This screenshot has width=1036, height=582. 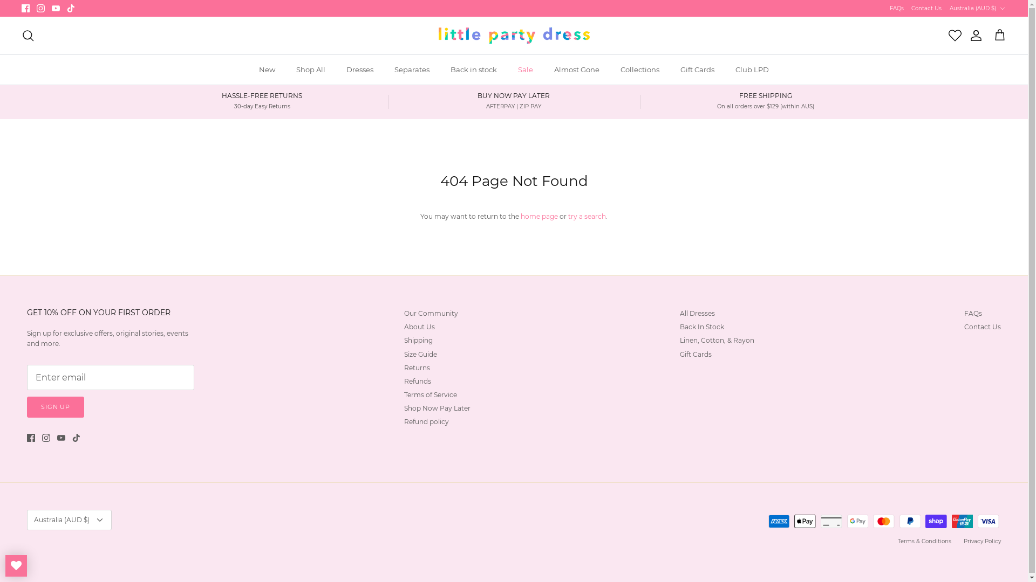 What do you see at coordinates (418, 340) in the screenshot?
I see `'Shipping'` at bounding box center [418, 340].